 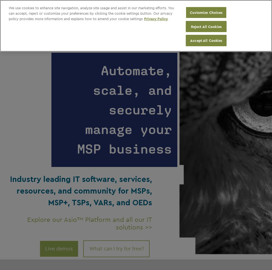 I want to click on 'Explore our Asio™ Platform and all our IT solution', so click(x=27, y=223).